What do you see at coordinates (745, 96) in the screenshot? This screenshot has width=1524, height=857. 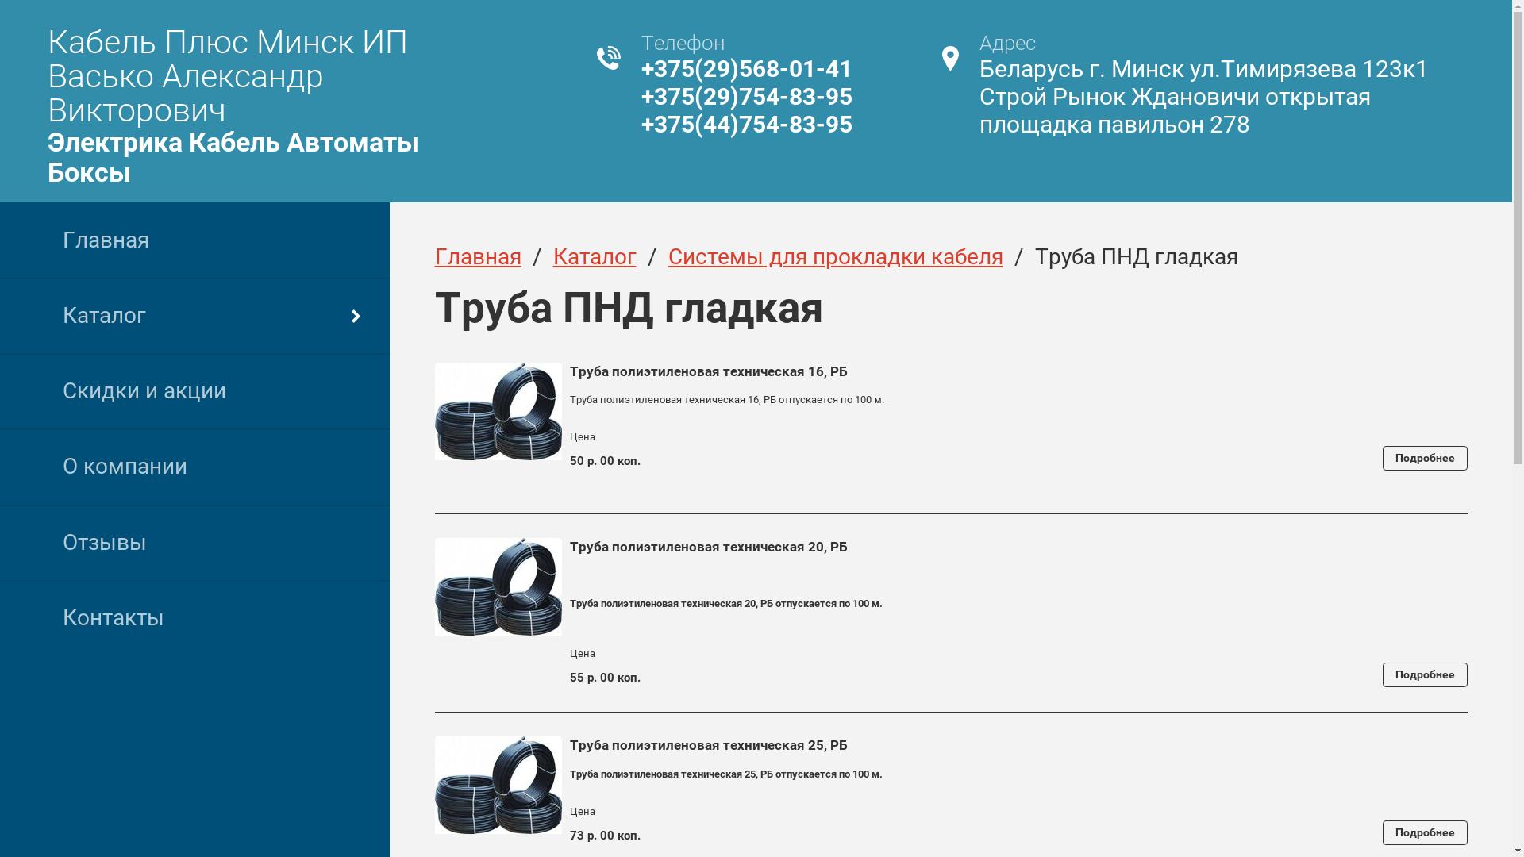 I see `'+375(29)754-83-95'` at bounding box center [745, 96].